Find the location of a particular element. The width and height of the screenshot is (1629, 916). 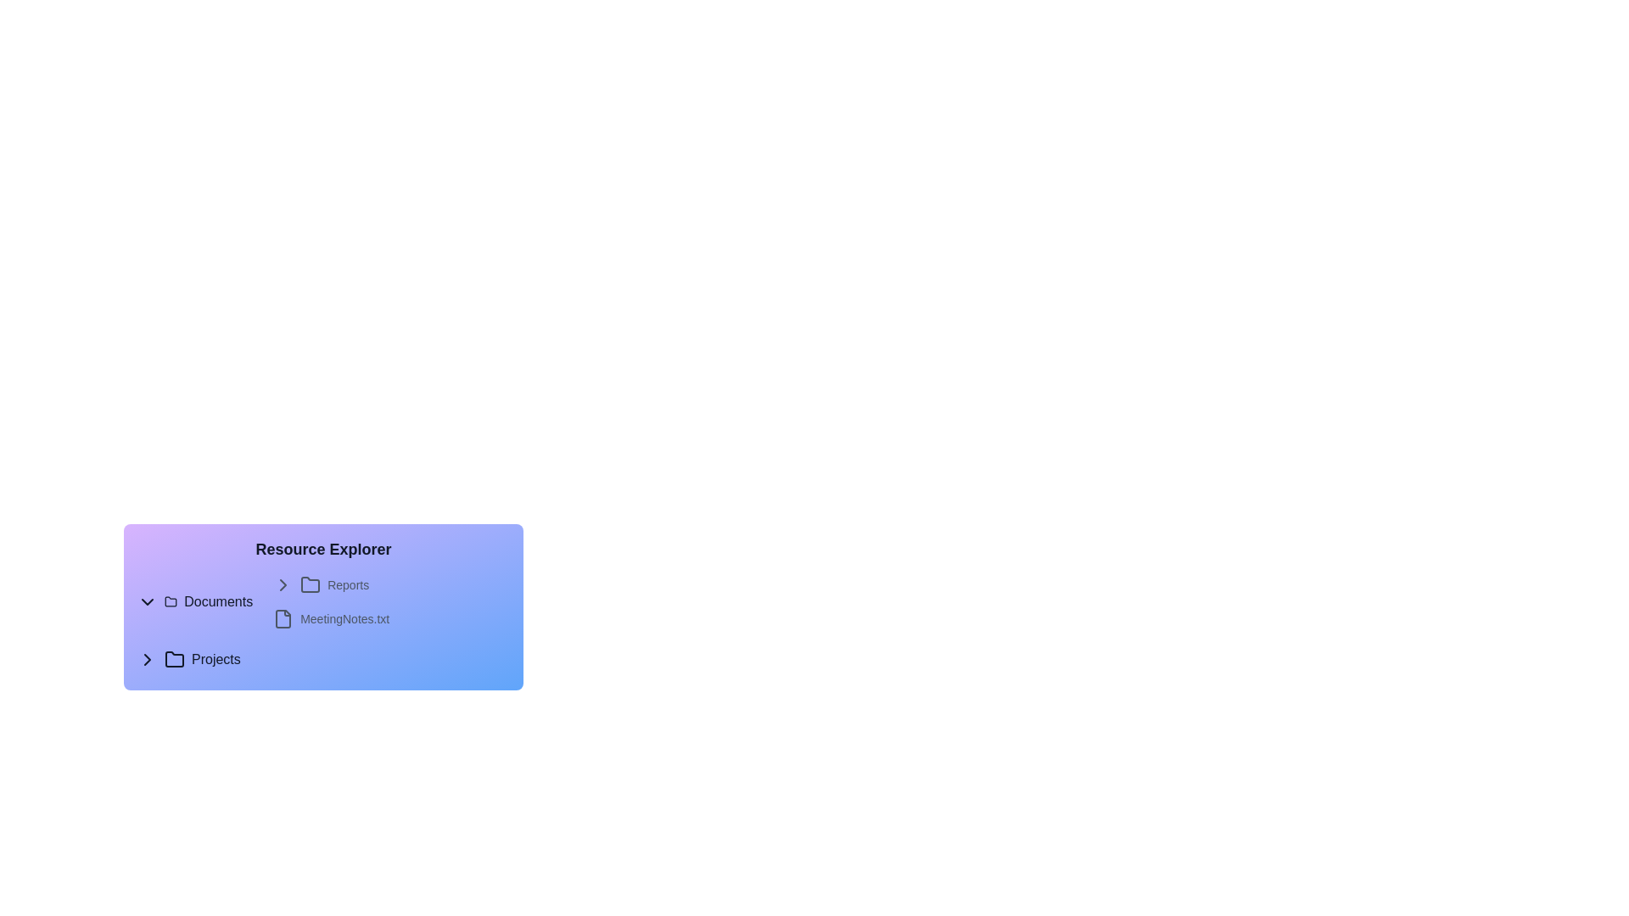

the 'Projects' folder item in the resource explorer interface is located at coordinates (323, 659).